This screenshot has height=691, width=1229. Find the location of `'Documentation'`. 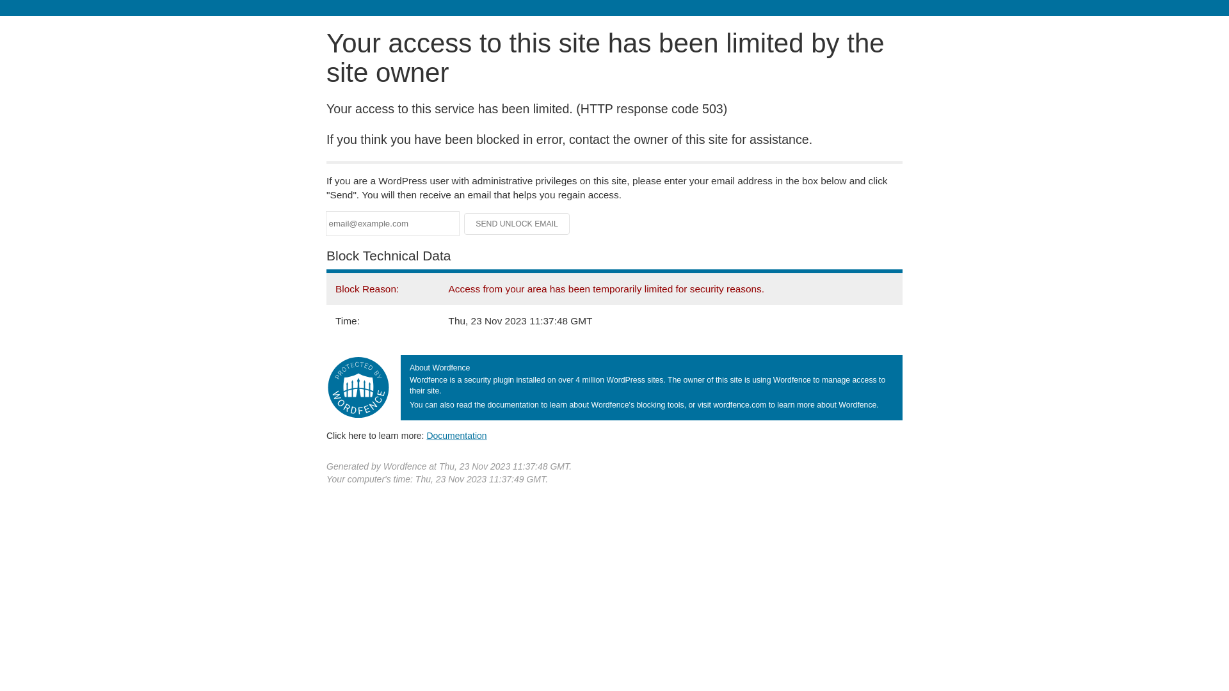

'Documentation' is located at coordinates (426, 435).